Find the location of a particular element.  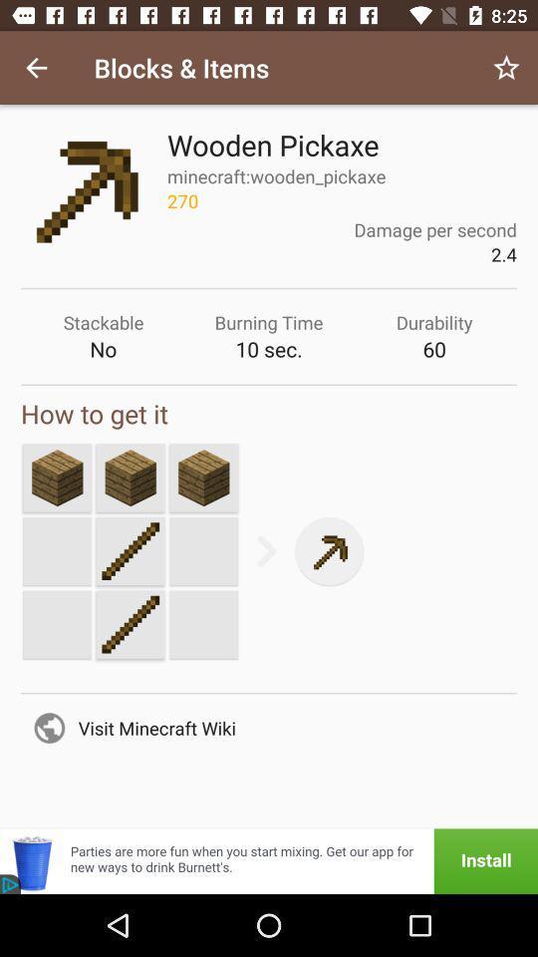

the icon next to the blocks & items icon is located at coordinates (36, 68).